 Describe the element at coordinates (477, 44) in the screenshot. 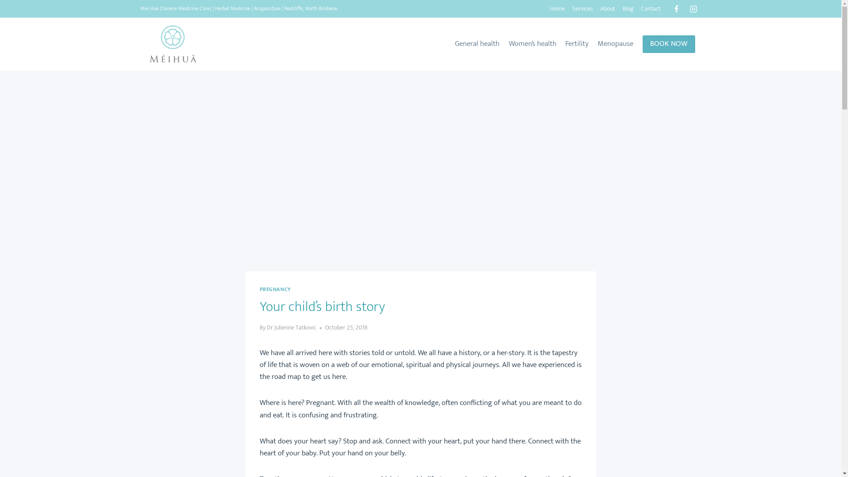

I see `'General health'` at that location.